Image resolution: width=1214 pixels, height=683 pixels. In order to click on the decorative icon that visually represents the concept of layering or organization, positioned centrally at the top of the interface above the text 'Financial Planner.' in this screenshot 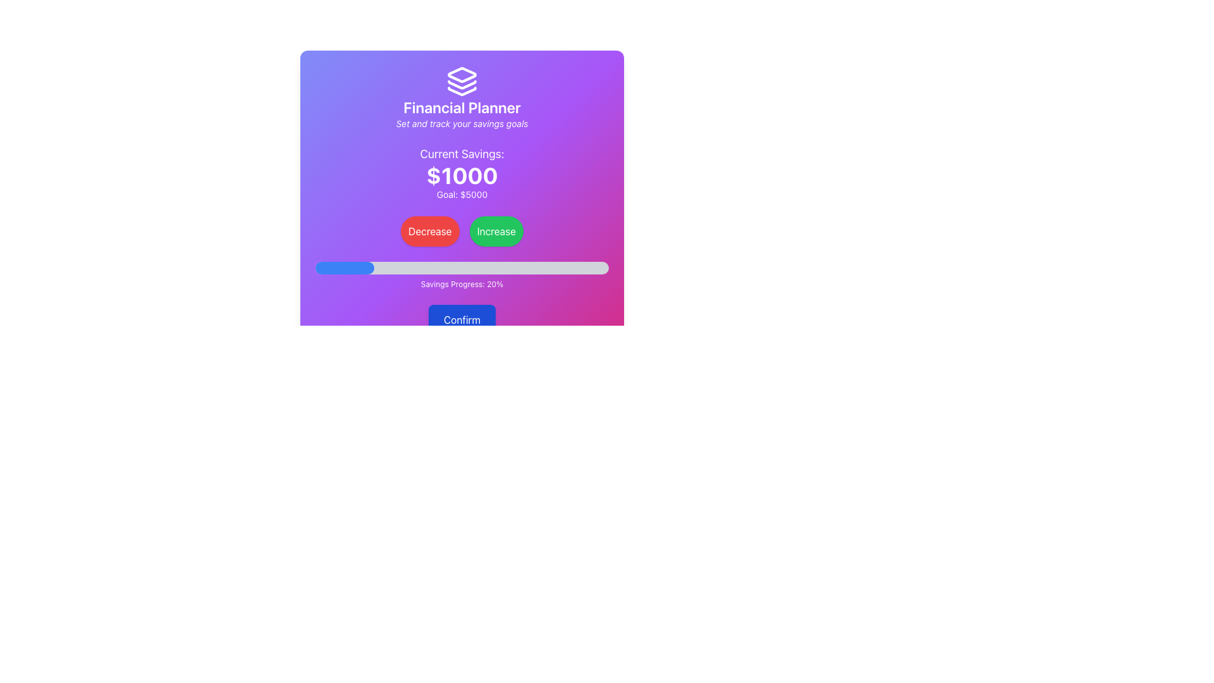, I will do `click(461, 81)`.